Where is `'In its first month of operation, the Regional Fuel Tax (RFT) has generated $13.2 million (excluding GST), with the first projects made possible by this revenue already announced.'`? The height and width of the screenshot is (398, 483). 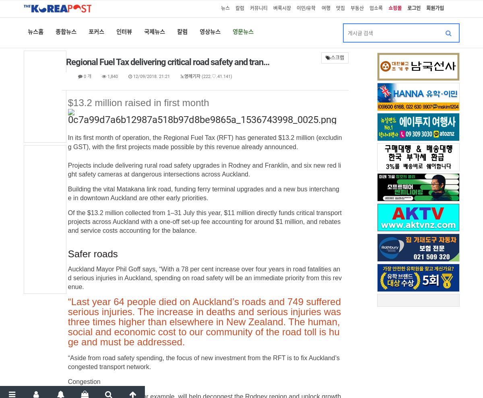
'In its first month of operation, the Regional Fuel Tax (RFT) has generated $13.2 million (excluding GST), with the first projects made possible by this revenue already announced.' is located at coordinates (204, 142).